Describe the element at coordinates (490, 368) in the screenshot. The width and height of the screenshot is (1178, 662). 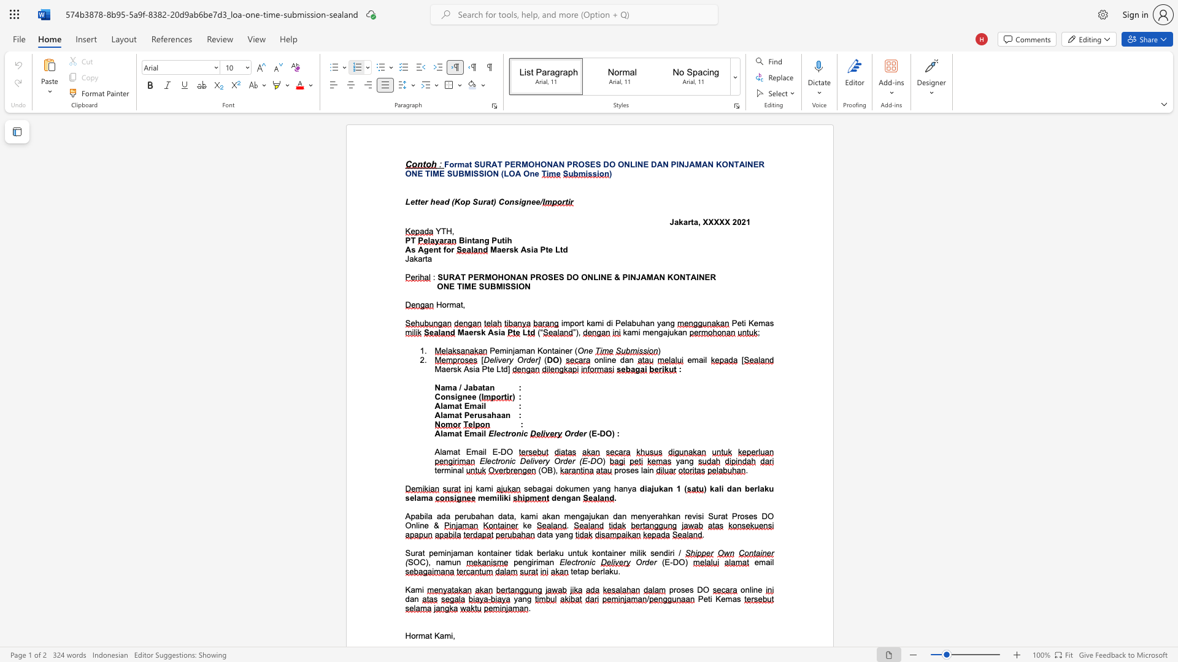
I see `the space between the continuous character "t" and "e" in the text` at that location.